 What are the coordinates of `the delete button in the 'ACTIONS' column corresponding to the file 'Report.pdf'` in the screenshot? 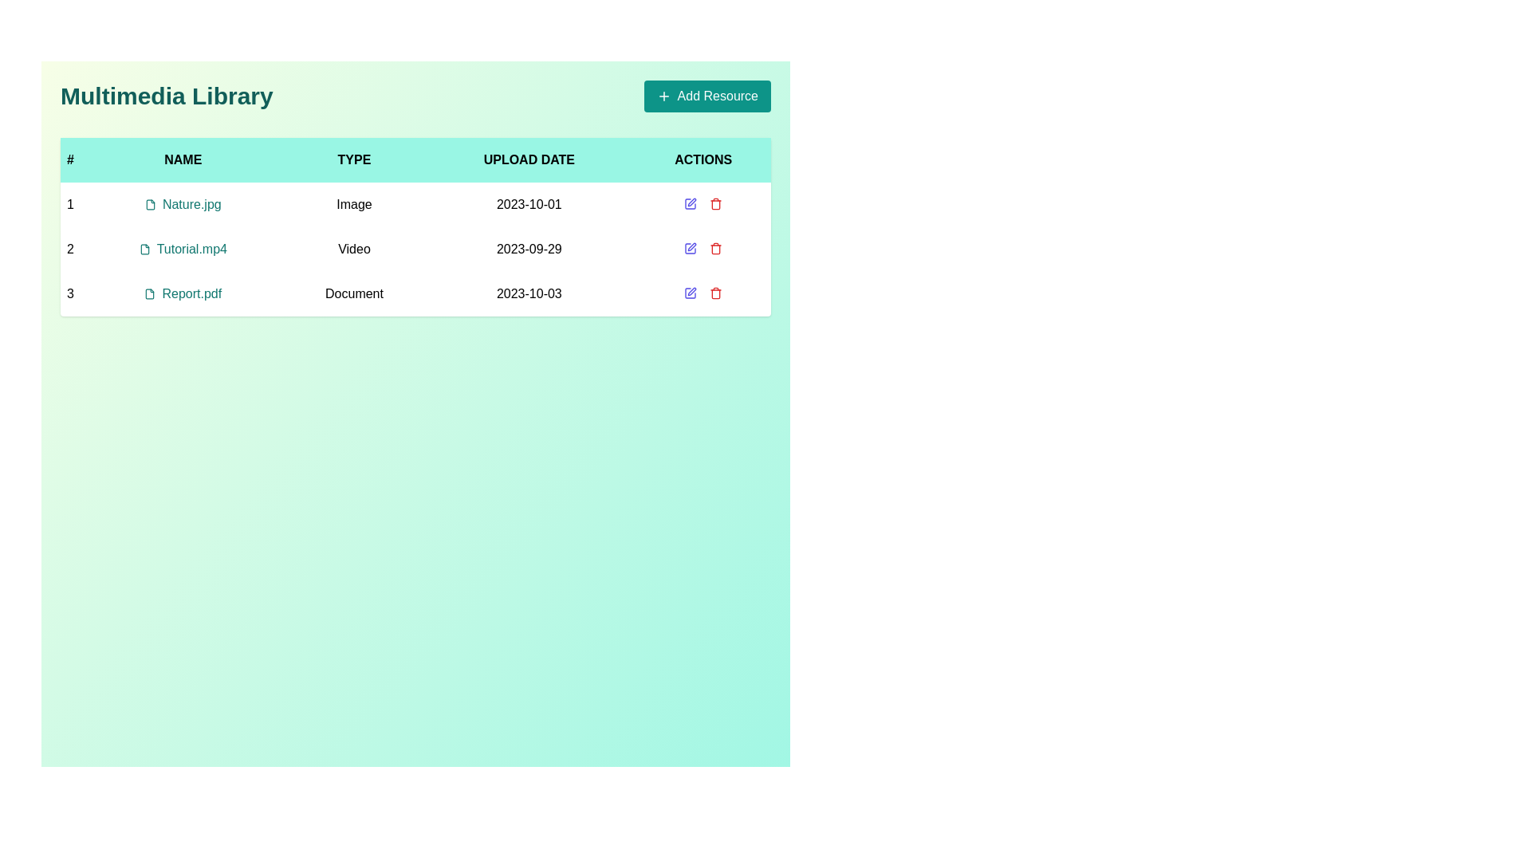 It's located at (715, 293).